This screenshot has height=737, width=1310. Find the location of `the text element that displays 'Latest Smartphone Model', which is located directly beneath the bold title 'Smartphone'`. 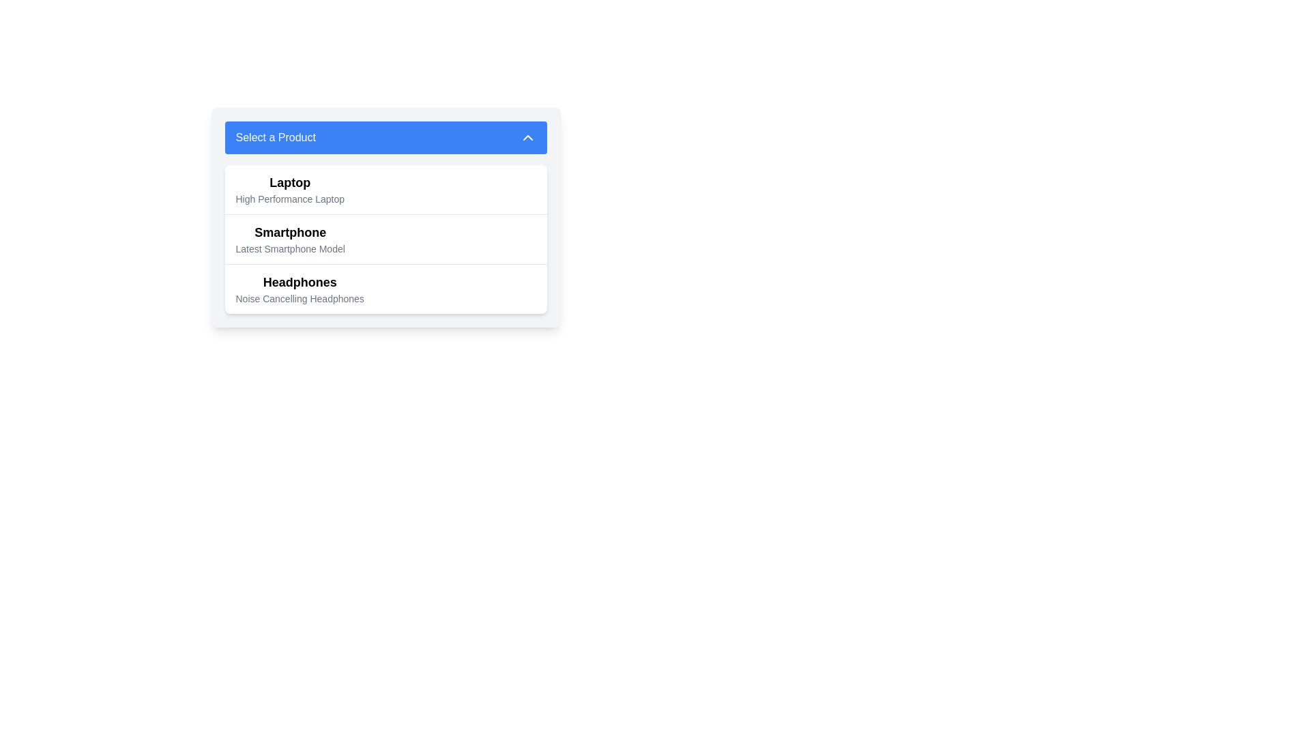

the text element that displays 'Latest Smartphone Model', which is located directly beneath the bold title 'Smartphone' is located at coordinates (289, 249).